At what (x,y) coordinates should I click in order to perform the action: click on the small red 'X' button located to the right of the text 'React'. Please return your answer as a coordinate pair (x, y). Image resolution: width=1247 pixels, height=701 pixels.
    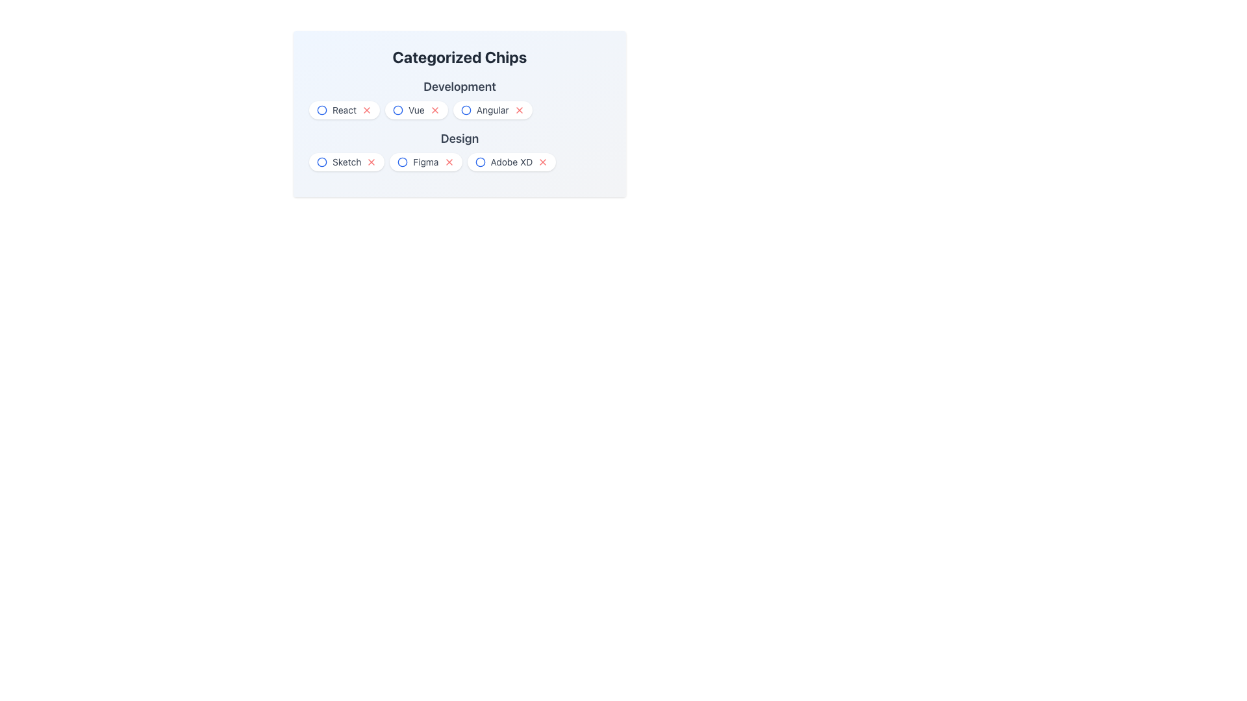
    Looking at the image, I should click on (366, 109).